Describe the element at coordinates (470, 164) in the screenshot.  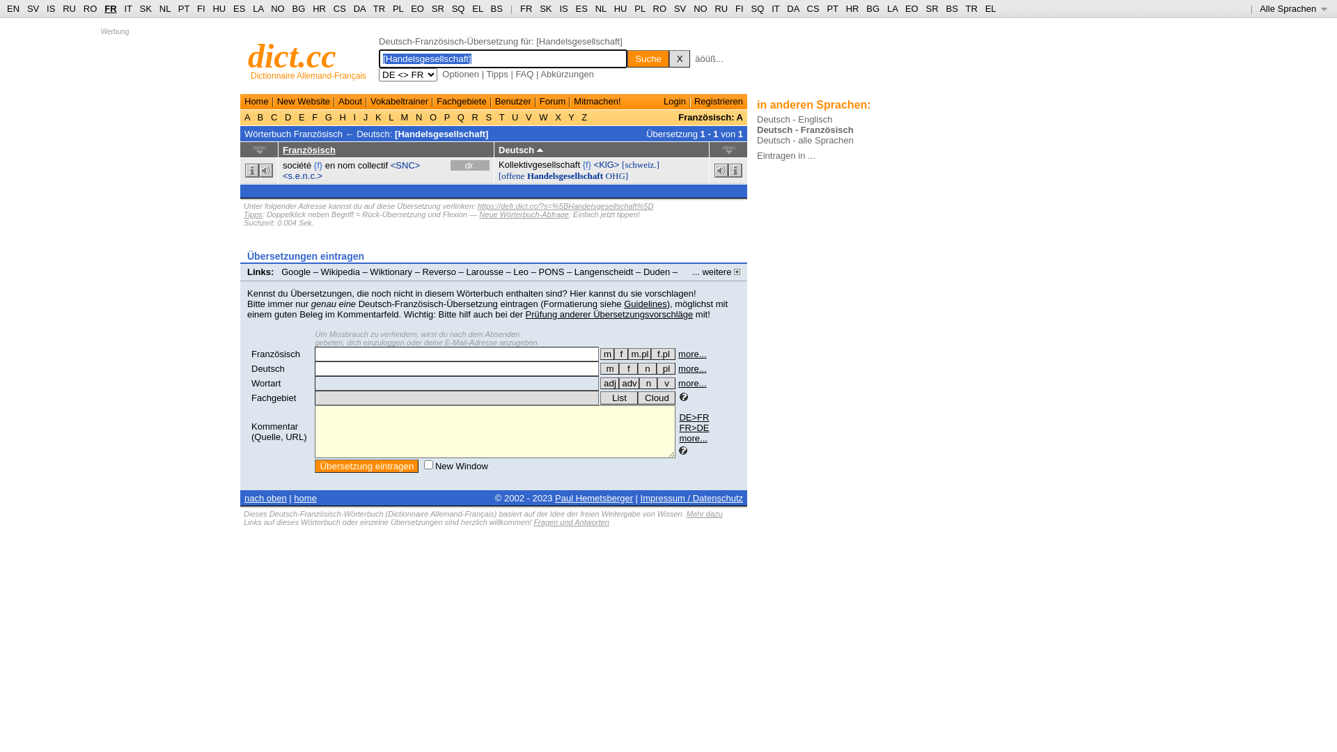
I see `'dr.'` at that location.